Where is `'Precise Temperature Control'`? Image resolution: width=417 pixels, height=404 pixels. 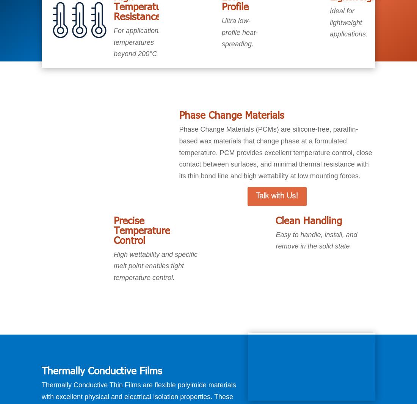 'Precise Temperature Control' is located at coordinates (142, 230).